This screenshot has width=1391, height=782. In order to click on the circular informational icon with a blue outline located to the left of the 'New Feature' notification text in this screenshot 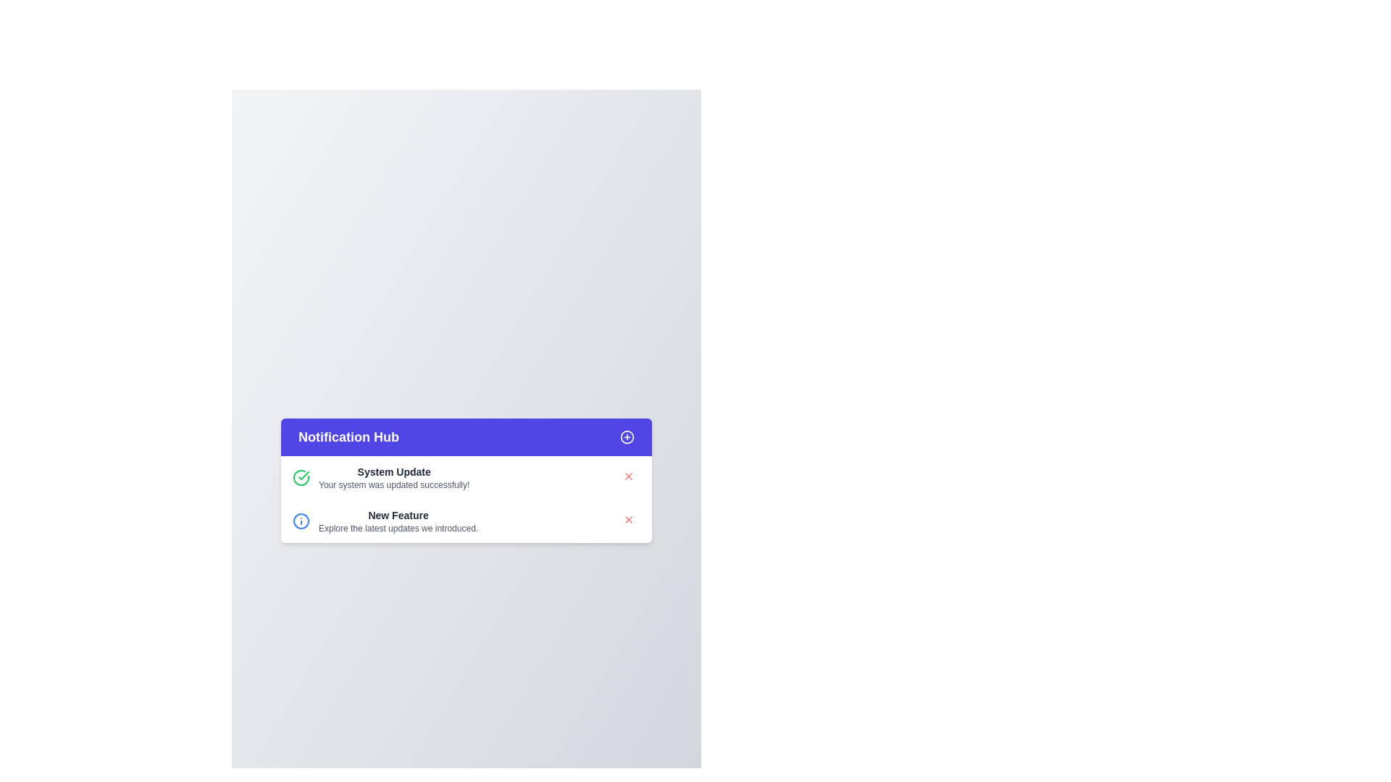, I will do `click(301, 521)`.